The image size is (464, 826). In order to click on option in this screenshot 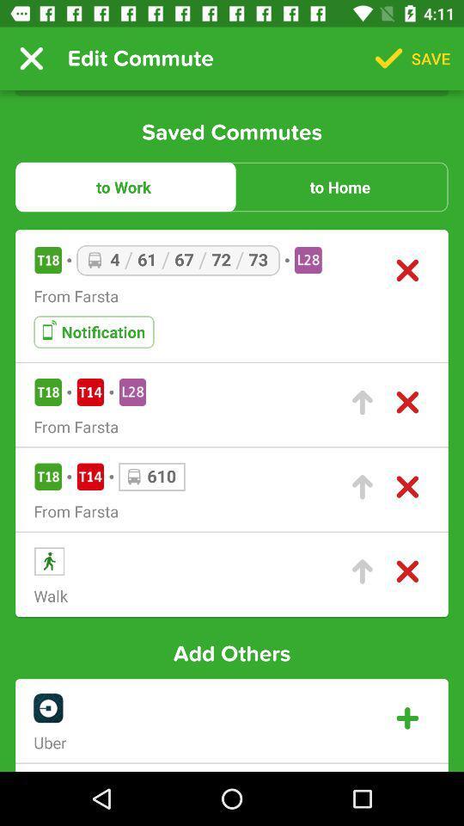, I will do `click(406, 718)`.